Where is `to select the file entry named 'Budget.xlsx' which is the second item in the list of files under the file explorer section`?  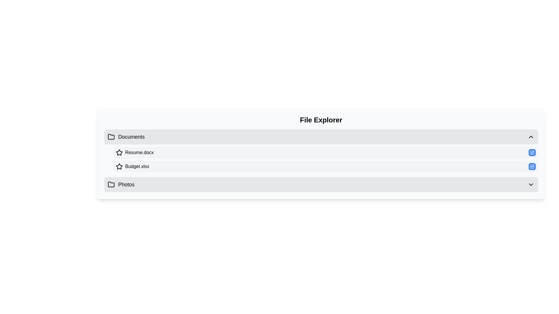 to select the file entry named 'Budget.xlsx' which is the second item in the list of files under the file explorer section is located at coordinates (325, 167).